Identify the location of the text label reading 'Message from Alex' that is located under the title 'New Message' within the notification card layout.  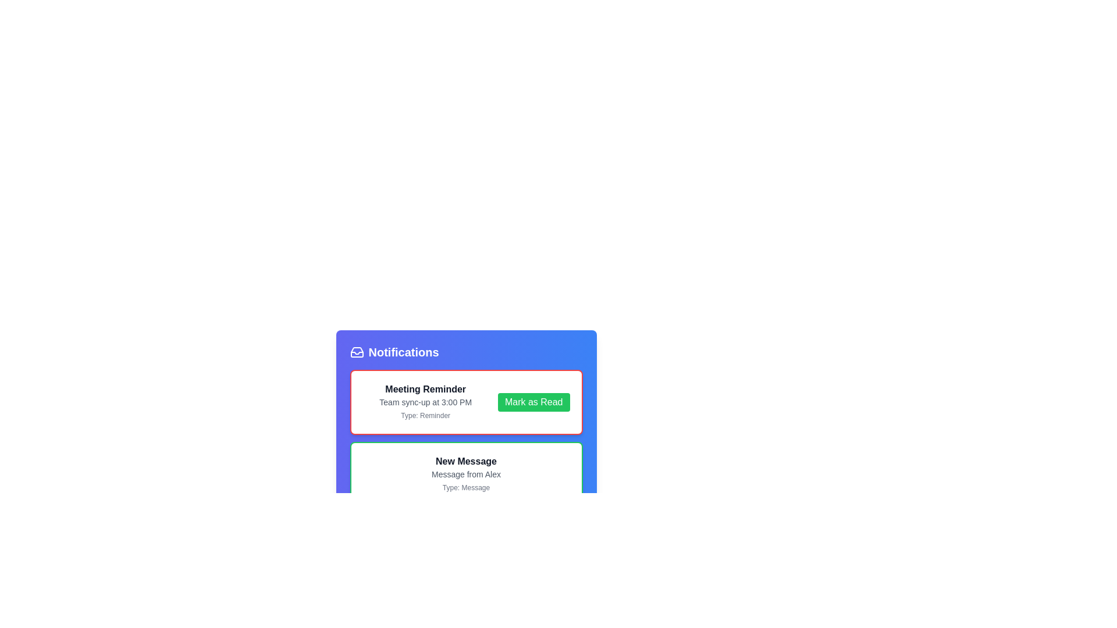
(466, 474).